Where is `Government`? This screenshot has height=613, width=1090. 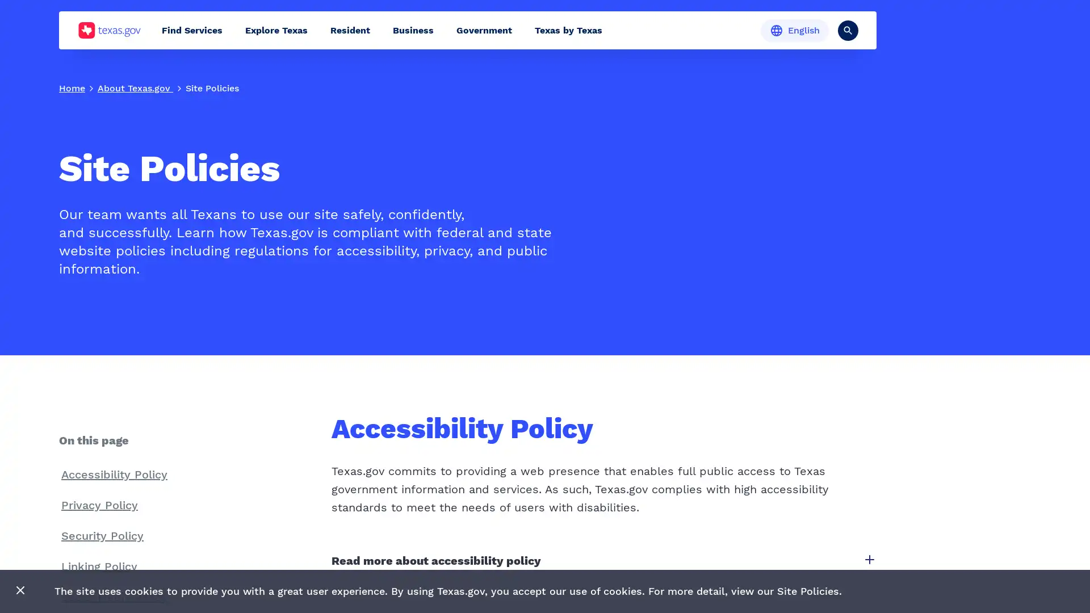 Government is located at coordinates (484, 30).